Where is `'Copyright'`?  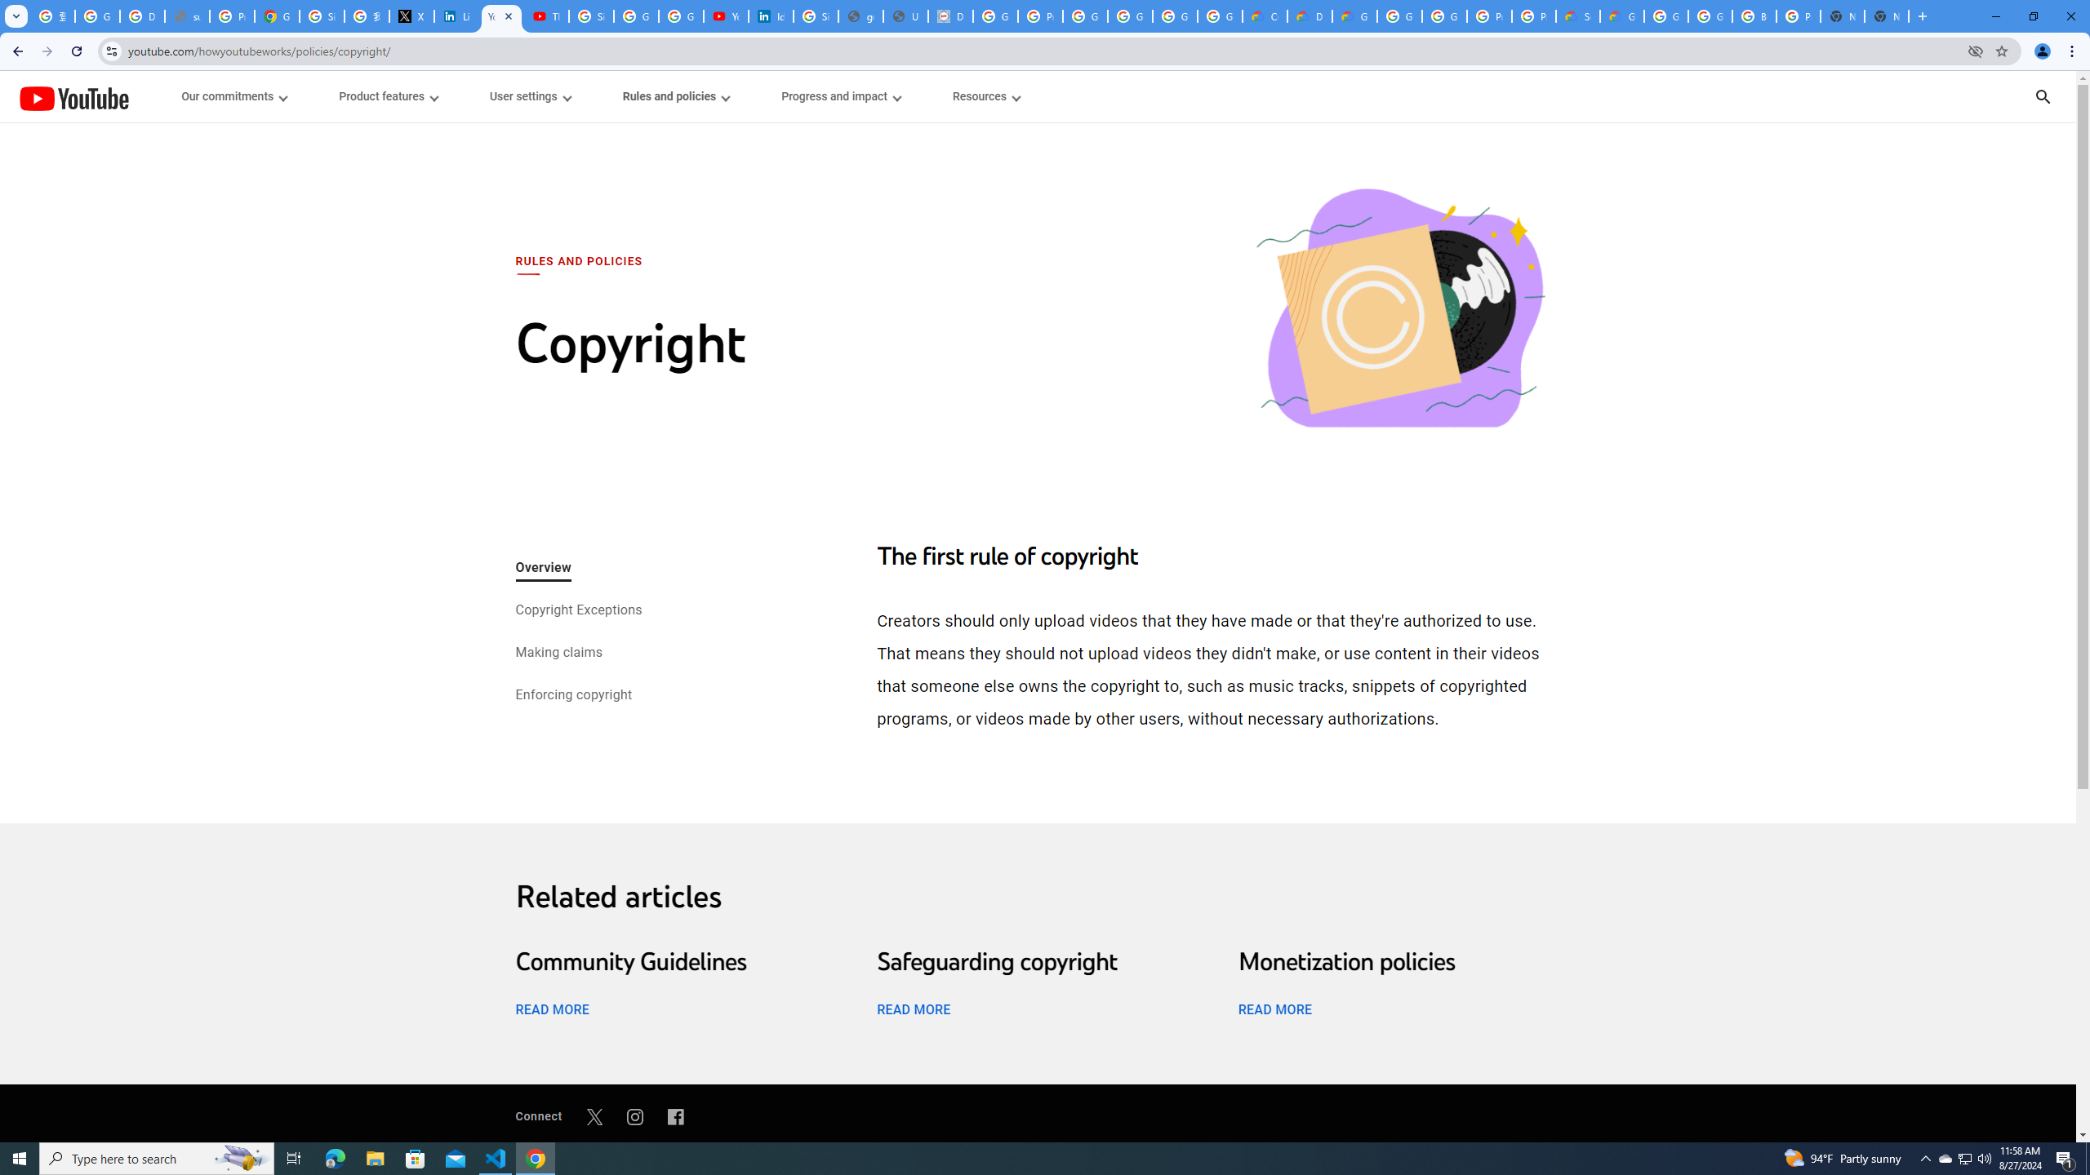
'Copyright' is located at coordinates (1398, 309).